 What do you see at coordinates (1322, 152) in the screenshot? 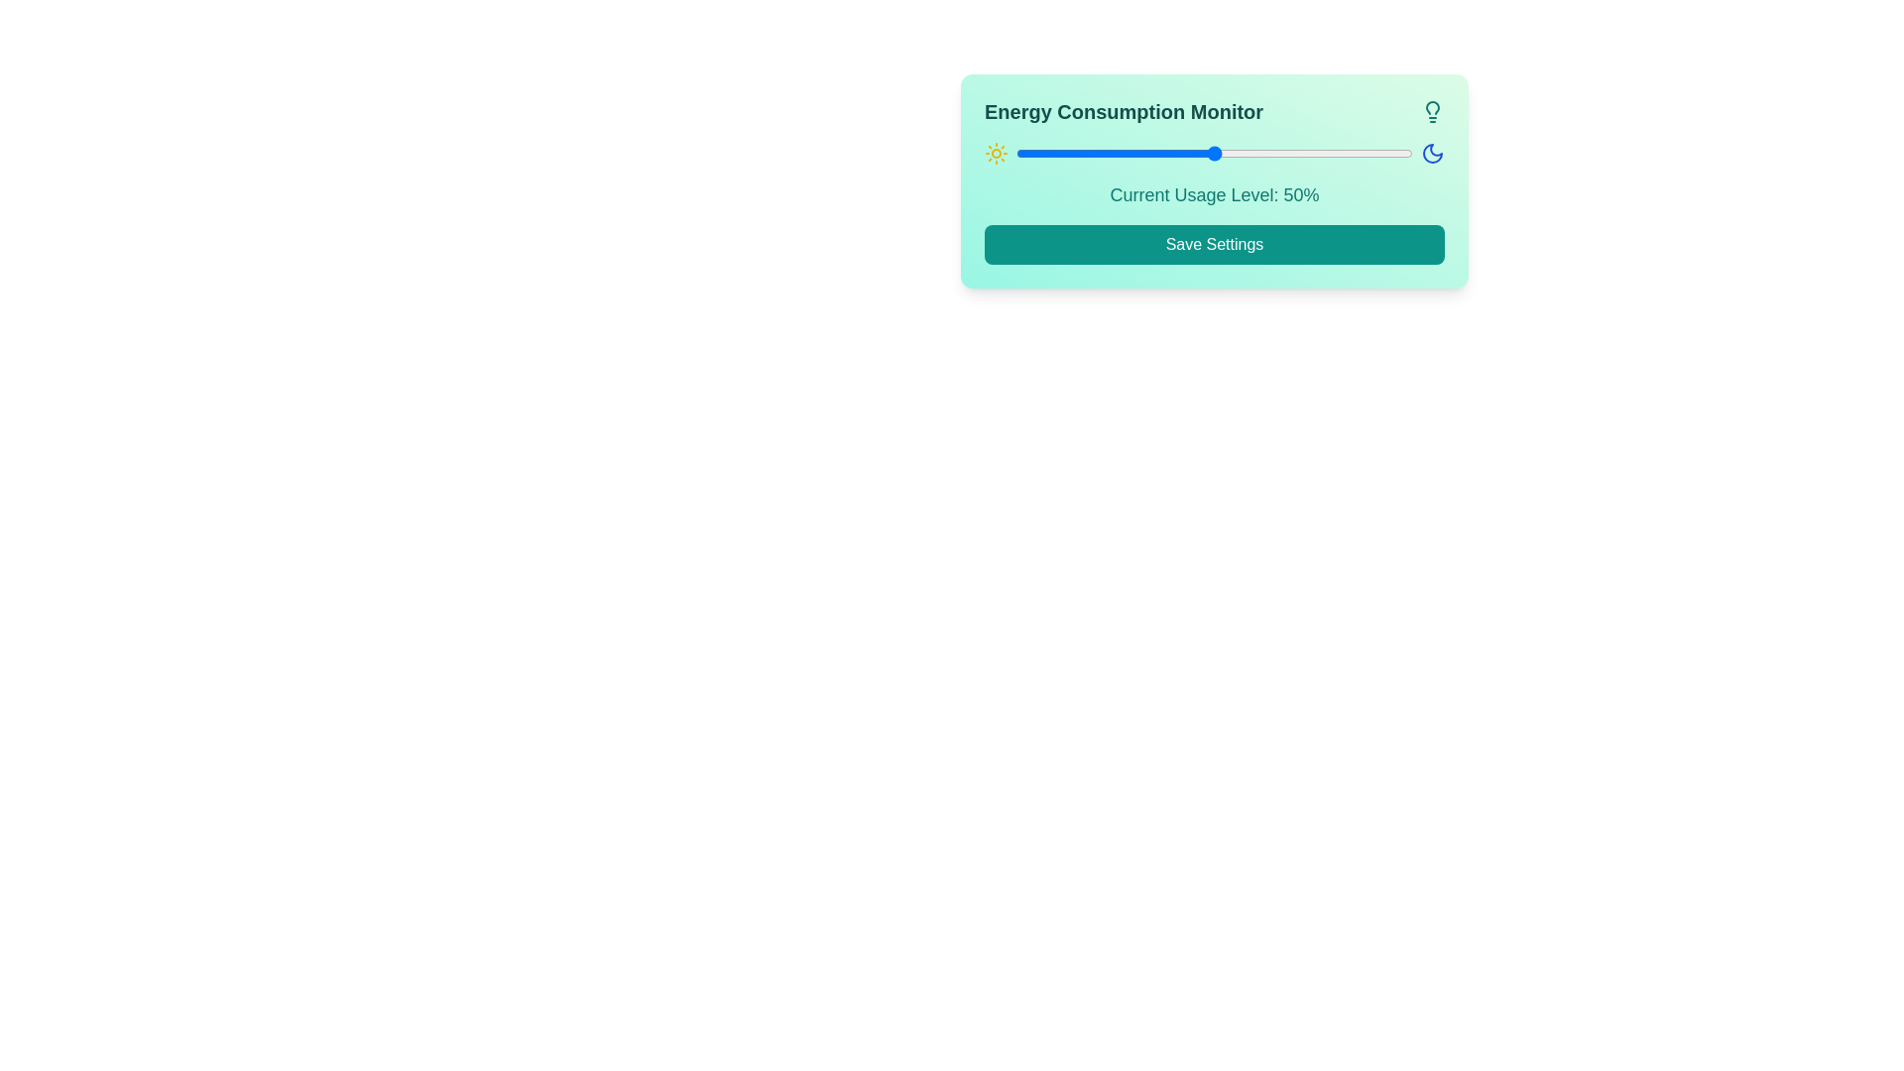
I see `the slider to set the energy usage level to 77%` at bounding box center [1322, 152].